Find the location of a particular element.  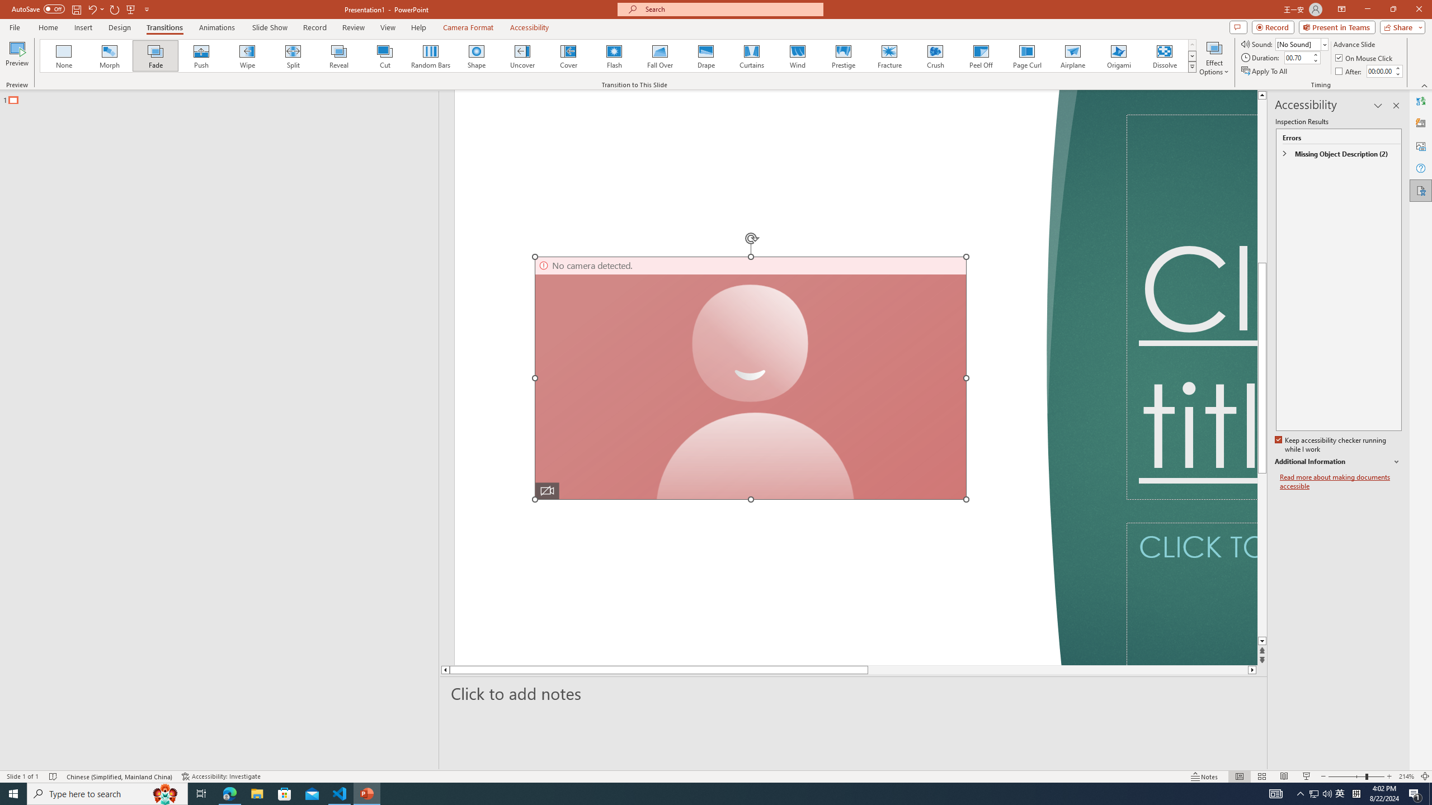

'Additional Information' is located at coordinates (1338, 462).